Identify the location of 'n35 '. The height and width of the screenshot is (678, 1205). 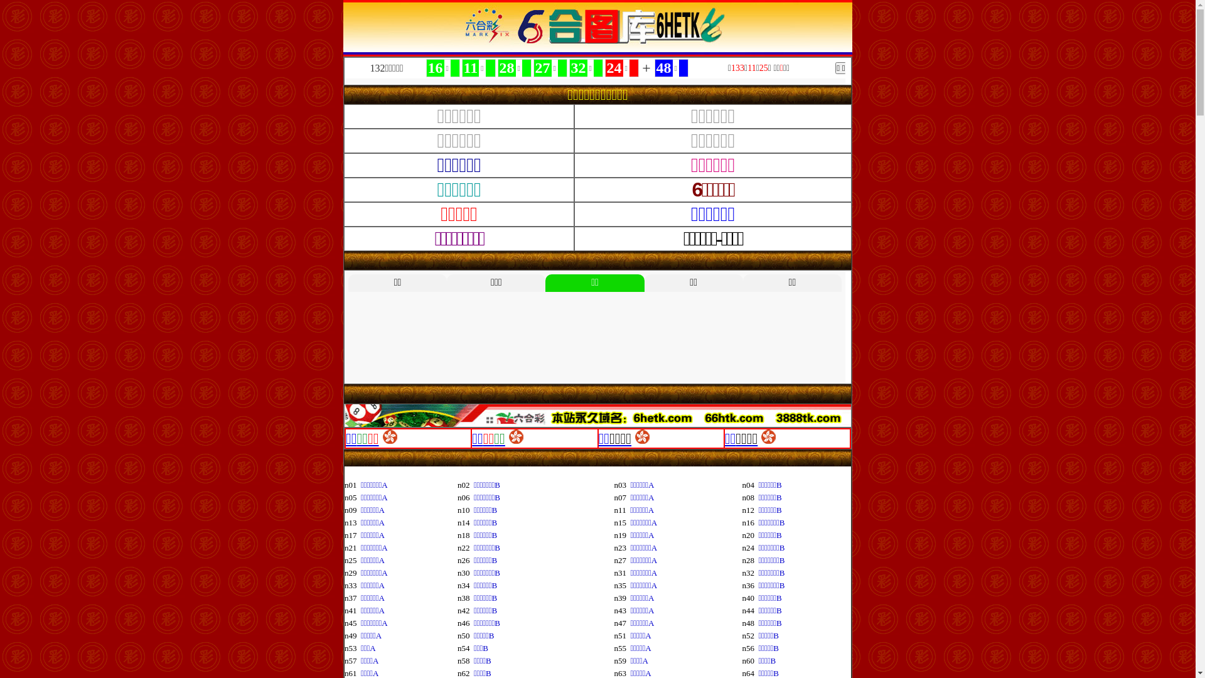
(614, 585).